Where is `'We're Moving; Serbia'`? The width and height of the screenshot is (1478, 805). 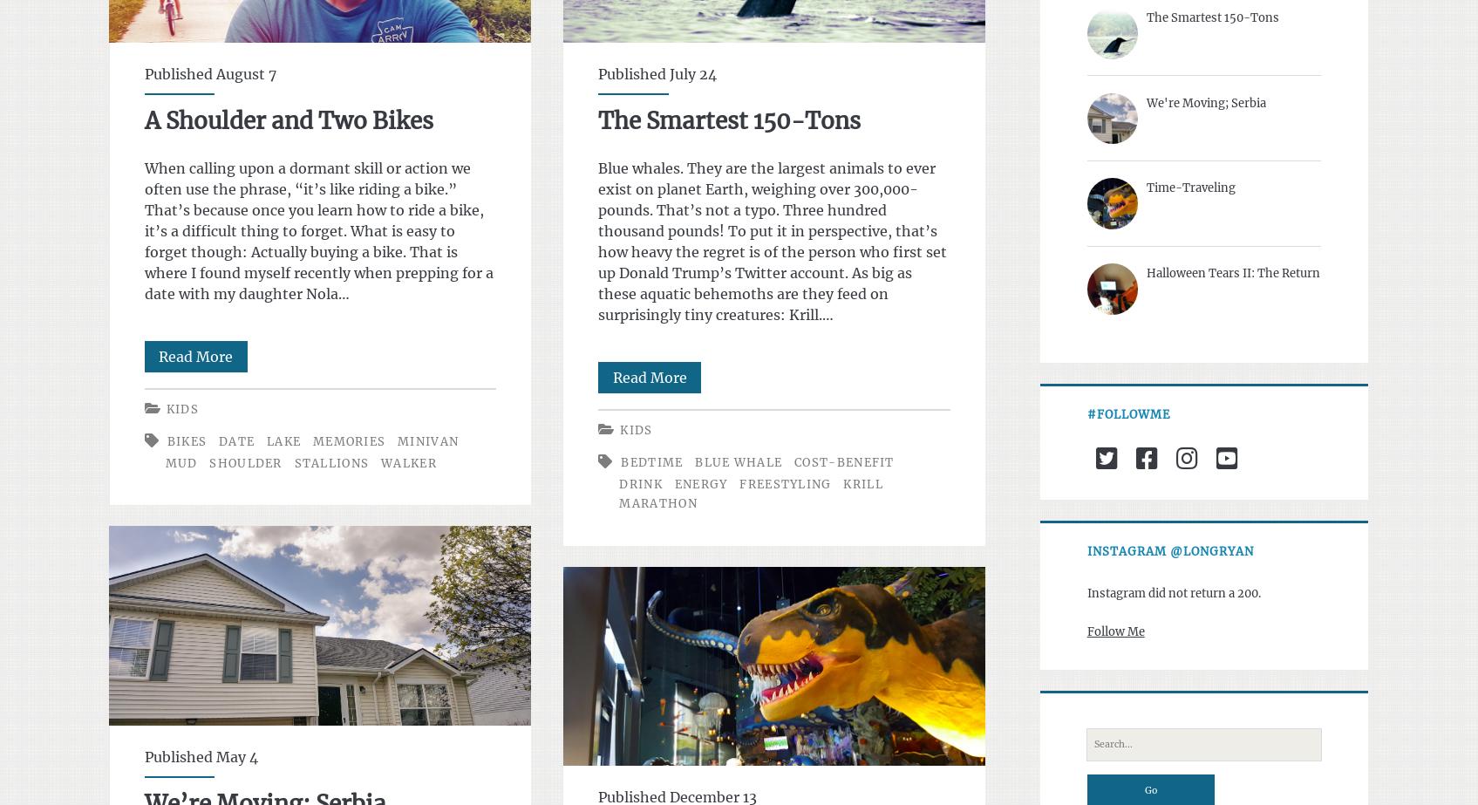 'We're Moving; Serbia' is located at coordinates (1204, 102).